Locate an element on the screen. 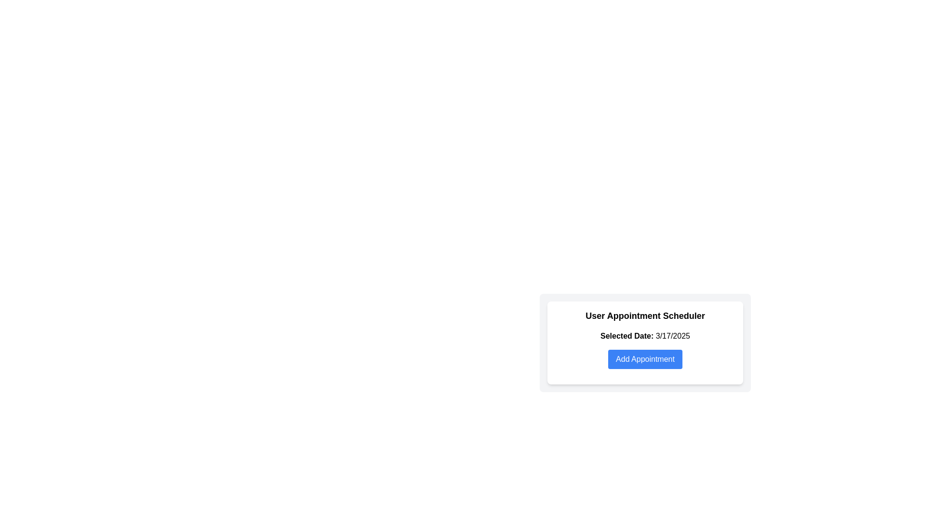 Image resolution: width=926 pixels, height=521 pixels. the button that allows users is located at coordinates (645, 359).